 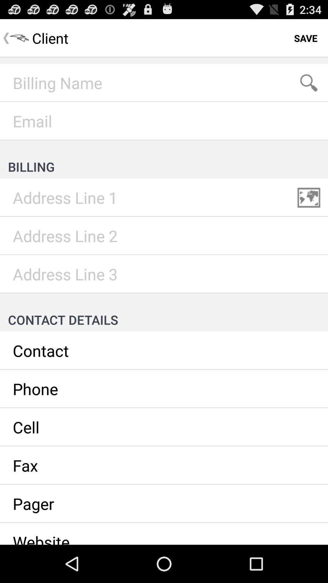 What do you see at coordinates (164, 351) in the screenshot?
I see `the contact` at bounding box center [164, 351].